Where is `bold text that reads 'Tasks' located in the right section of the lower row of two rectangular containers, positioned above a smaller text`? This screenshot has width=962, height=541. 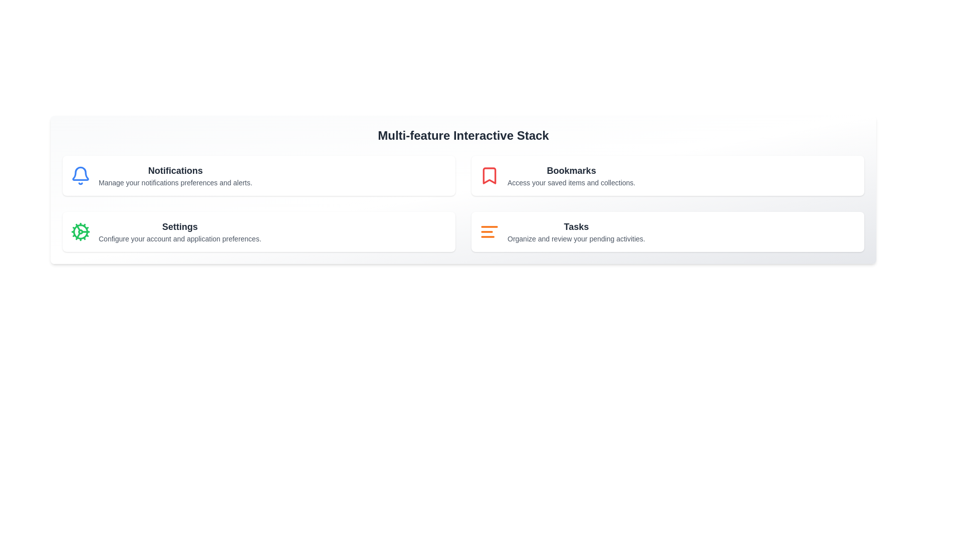 bold text that reads 'Tasks' located in the right section of the lower row of two rectangular containers, positioned above a smaller text is located at coordinates (576, 226).